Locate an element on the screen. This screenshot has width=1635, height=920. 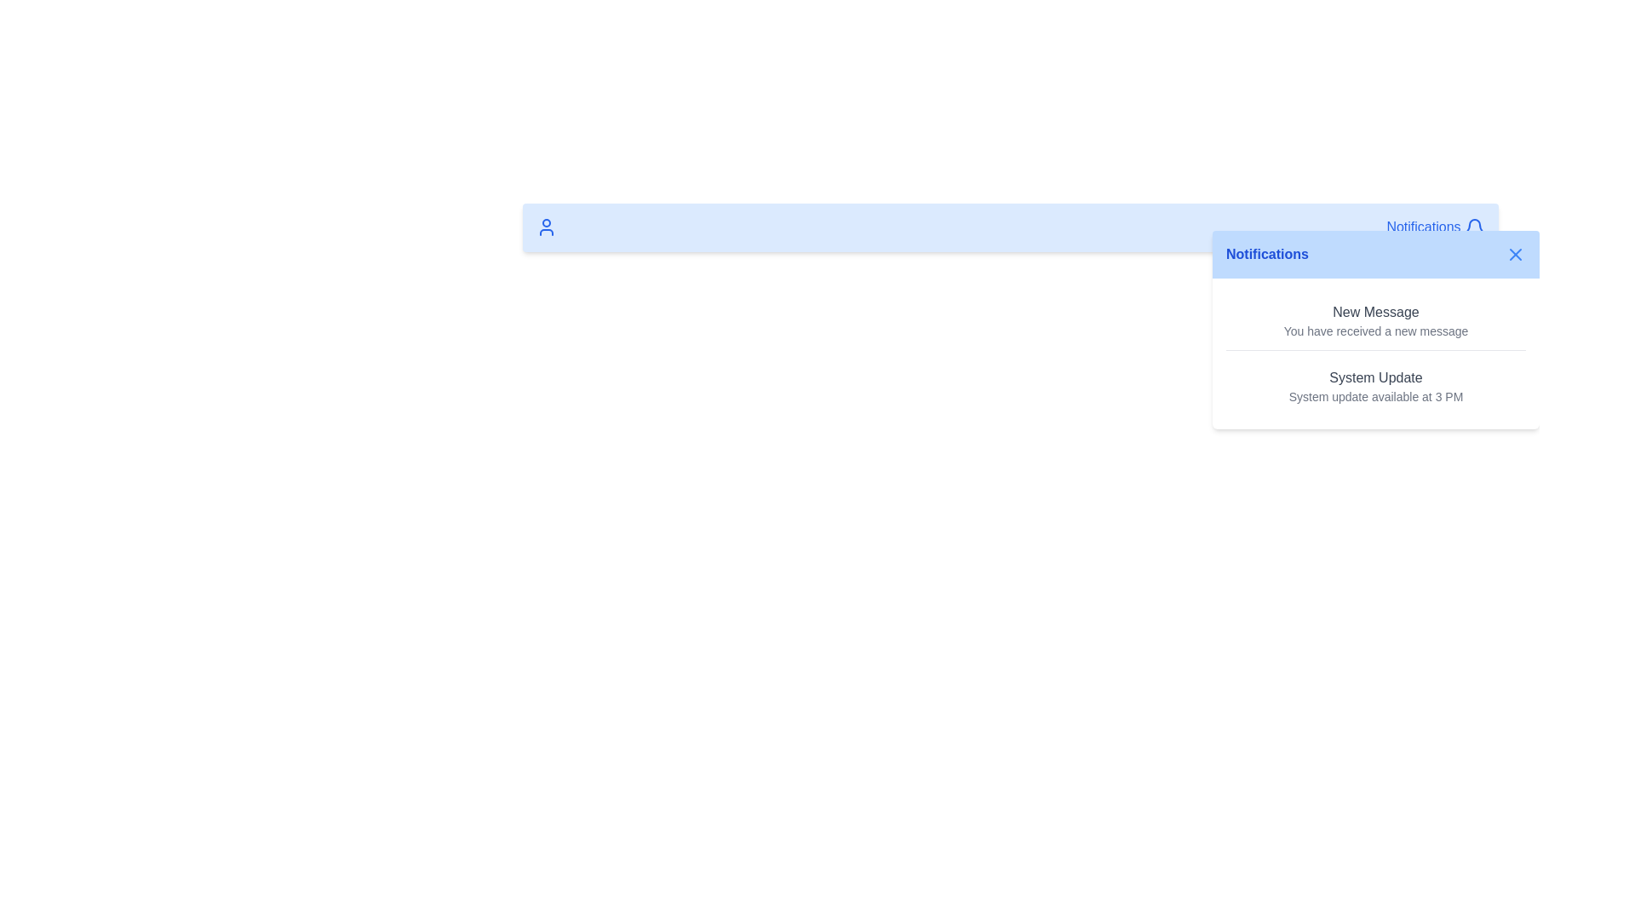
title text of the notification located at the top section of the notification card, which indicates the main subject of the notification is located at coordinates (1376, 312).